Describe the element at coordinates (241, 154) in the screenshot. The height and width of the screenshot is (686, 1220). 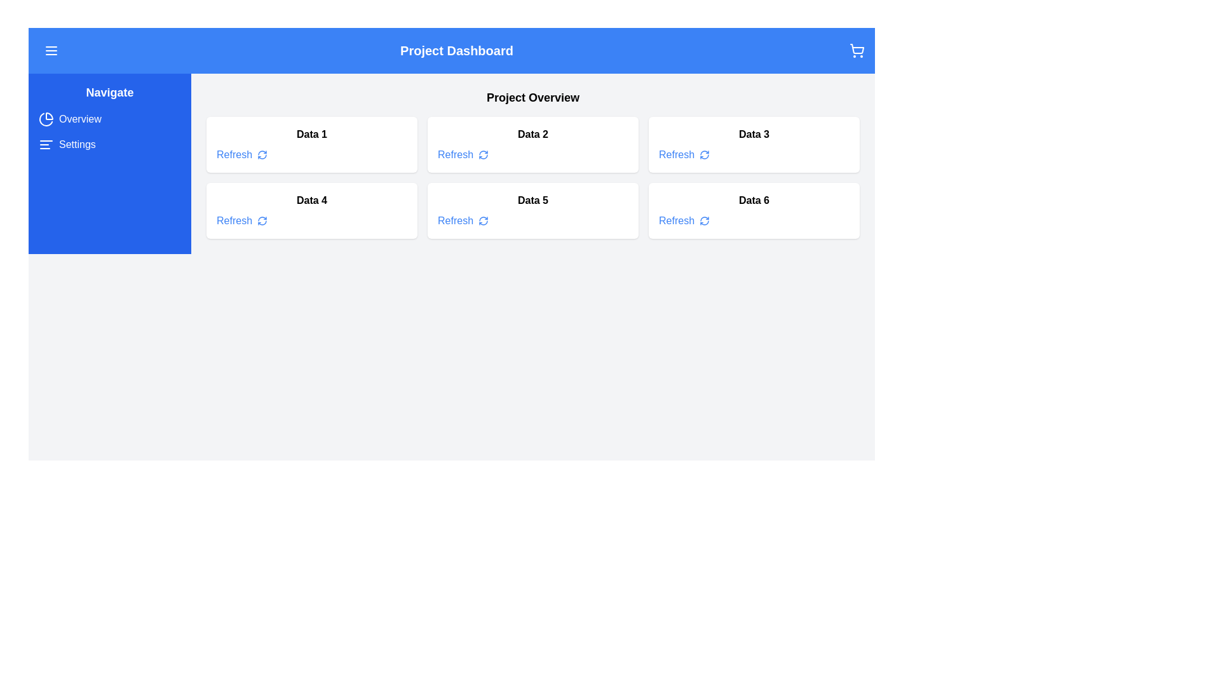
I see `the 'Refresh' button with a blue text and refresh icon located below the title 'Data 1'` at that location.